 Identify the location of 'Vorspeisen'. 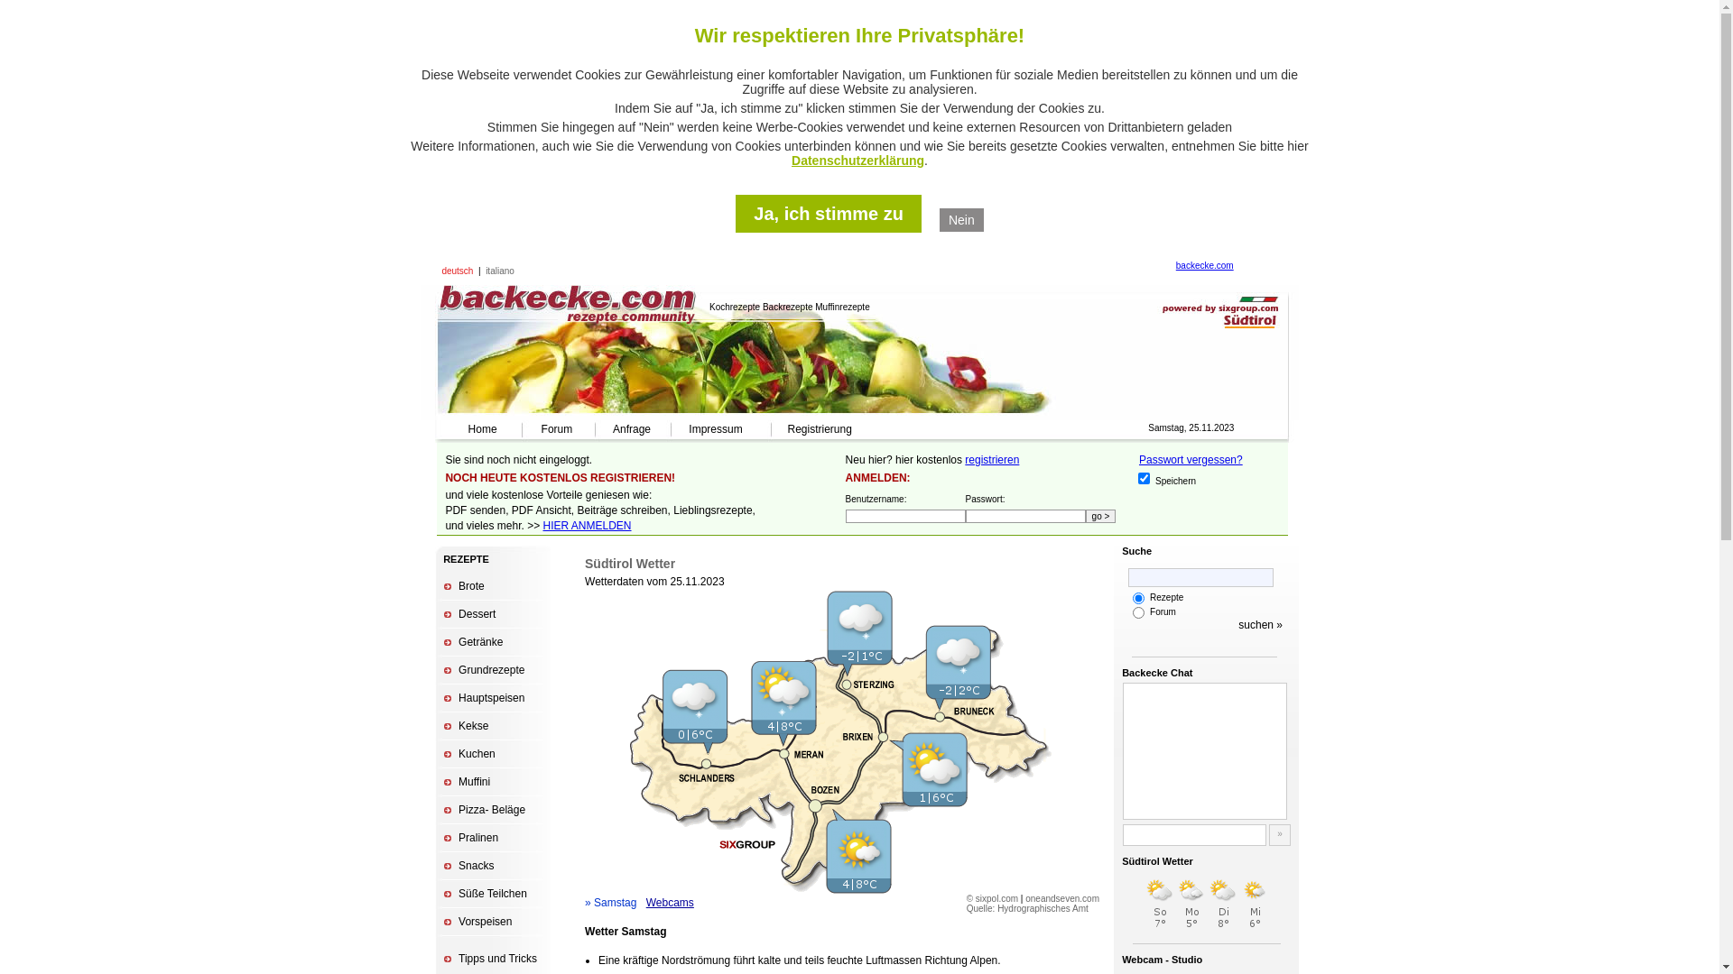
(485, 922).